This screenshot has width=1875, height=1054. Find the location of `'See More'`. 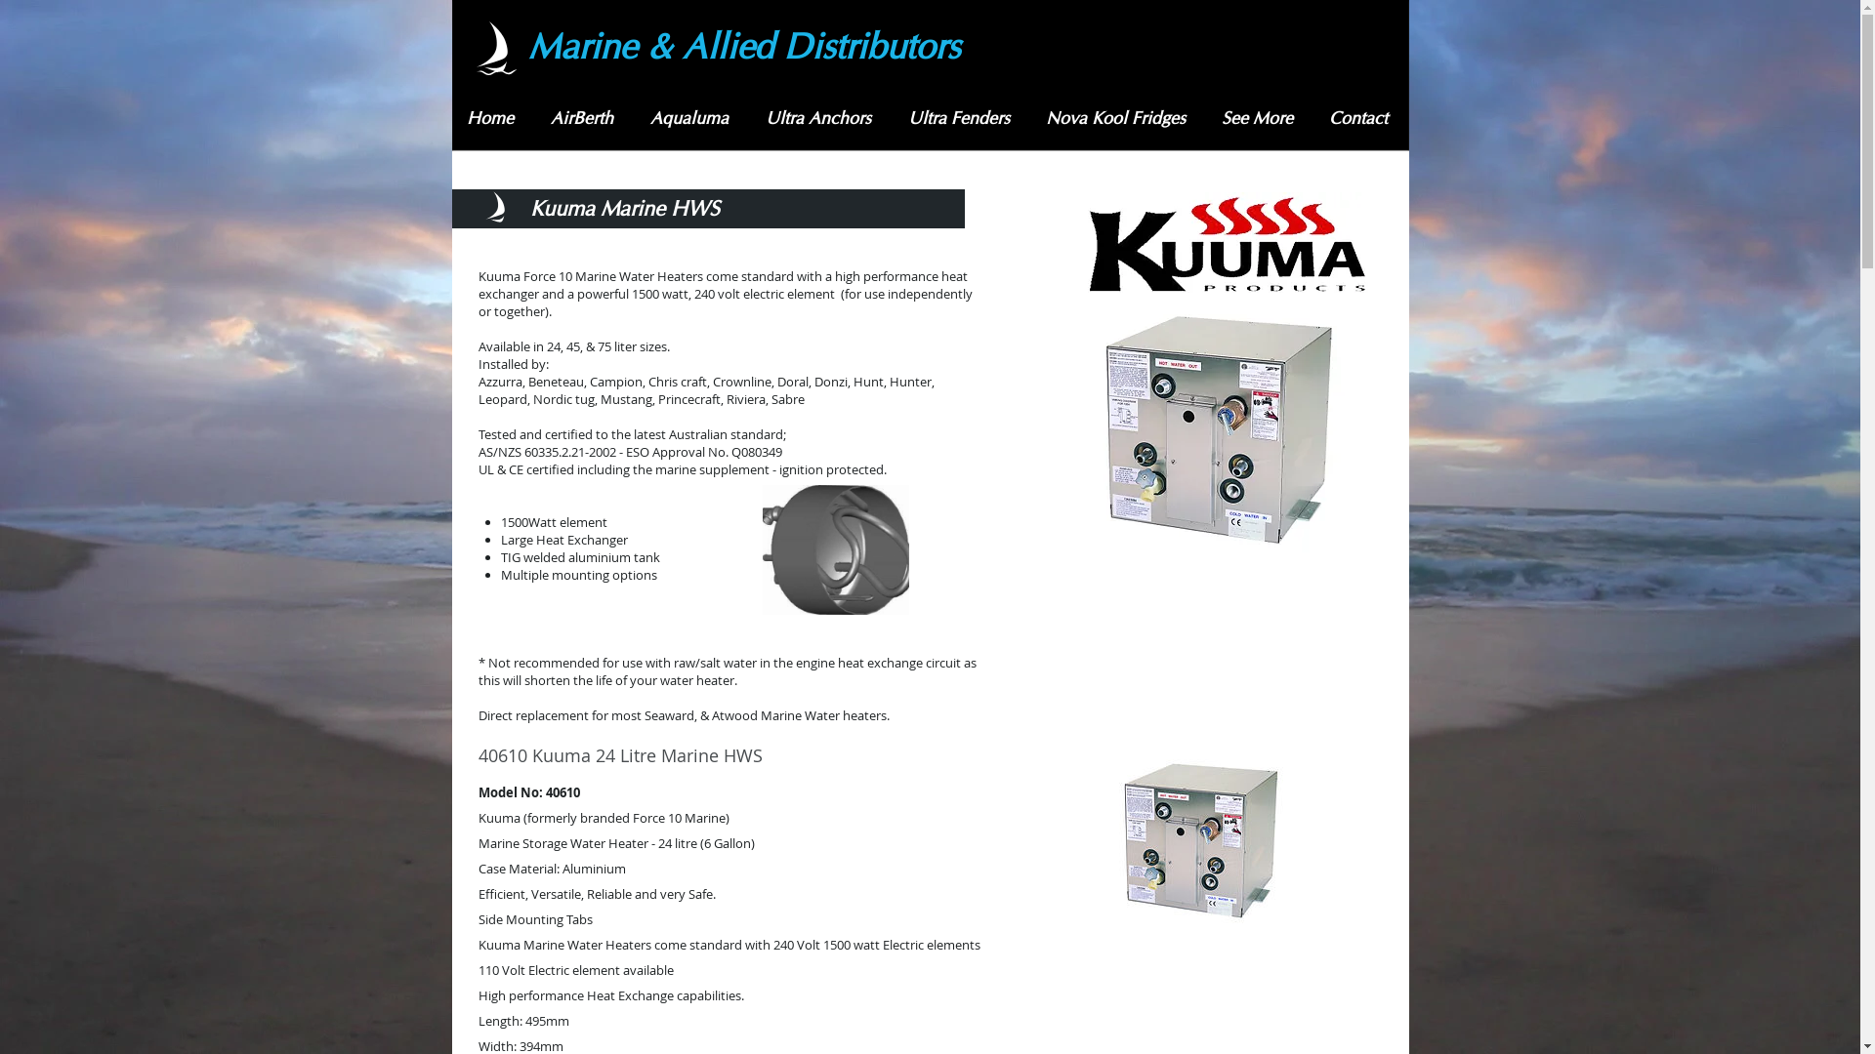

'See More' is located at coordinates (1261, 118).